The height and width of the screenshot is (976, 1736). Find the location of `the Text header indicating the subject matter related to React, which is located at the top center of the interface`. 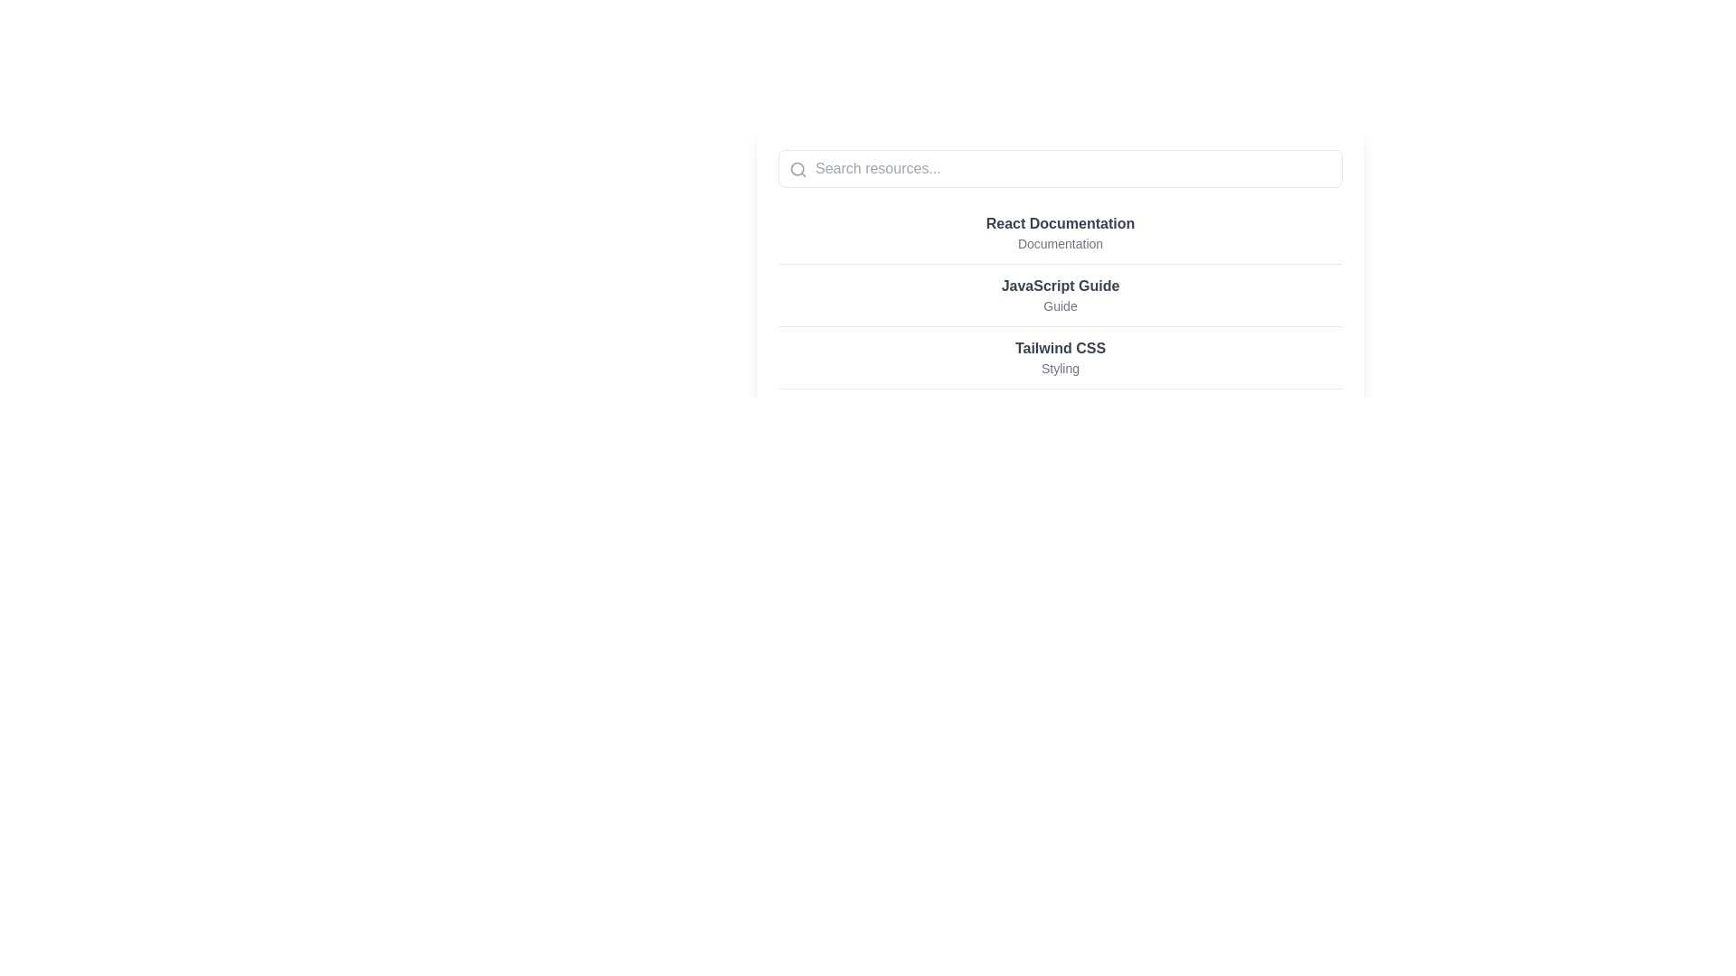

the Text header indicating the subject matter related to React, which is located at the top center of the interface is located at coordinates (1060, 222).